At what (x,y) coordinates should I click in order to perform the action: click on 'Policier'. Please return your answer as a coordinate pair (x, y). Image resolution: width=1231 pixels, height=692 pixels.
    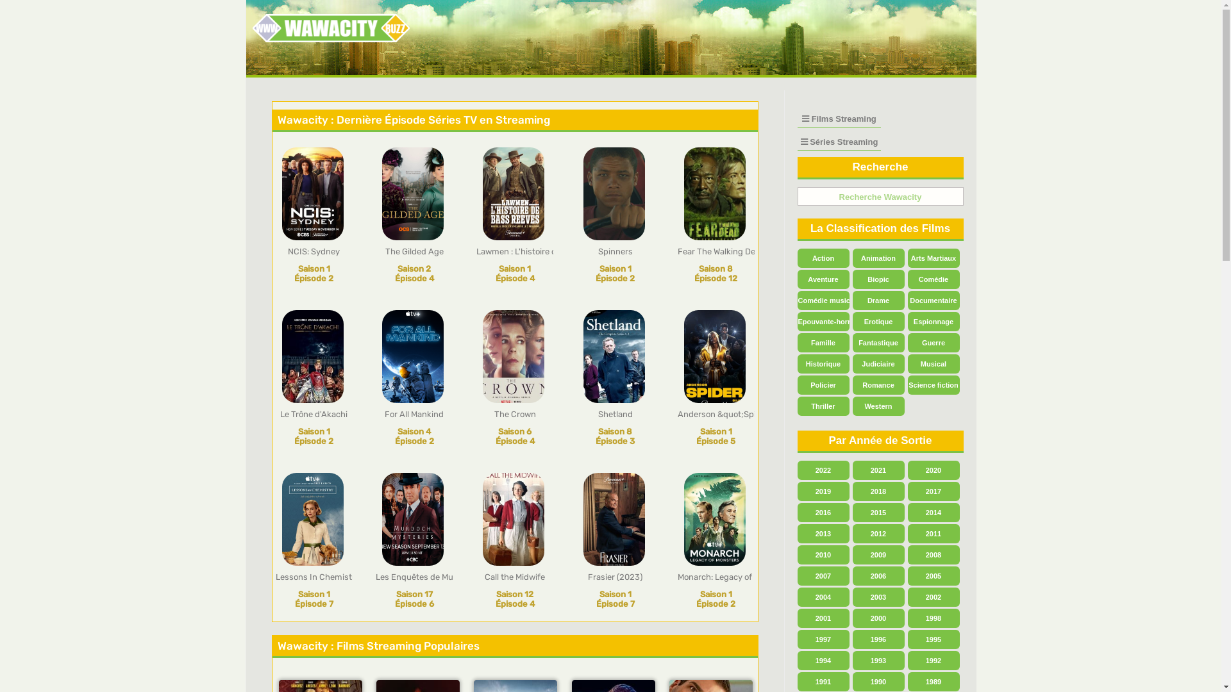
    Looking at the image, I should click on (823, 384).